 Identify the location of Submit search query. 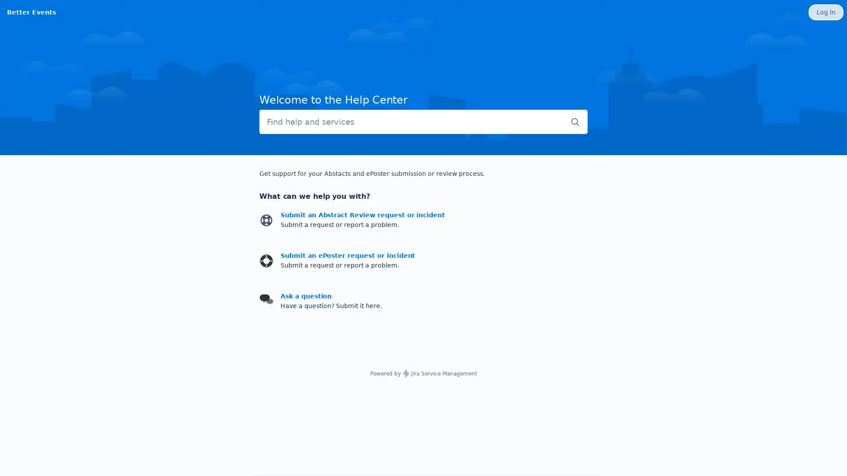
(575, 122).